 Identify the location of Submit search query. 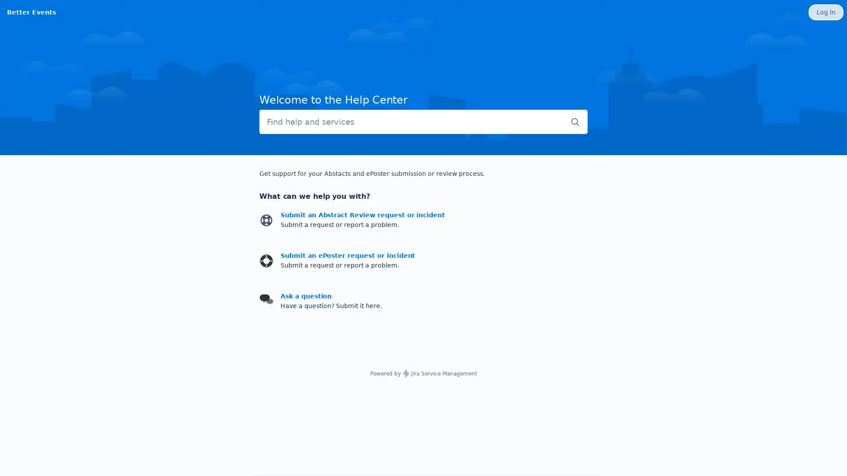
(575, 122).